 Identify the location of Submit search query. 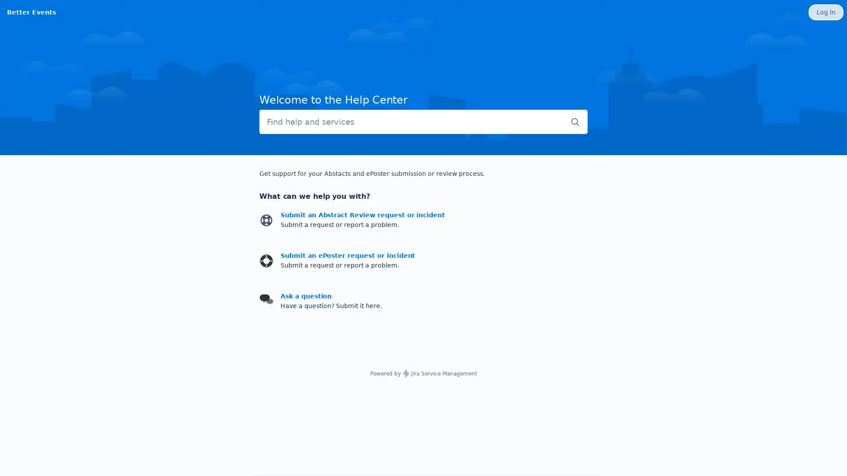
(575, 122).